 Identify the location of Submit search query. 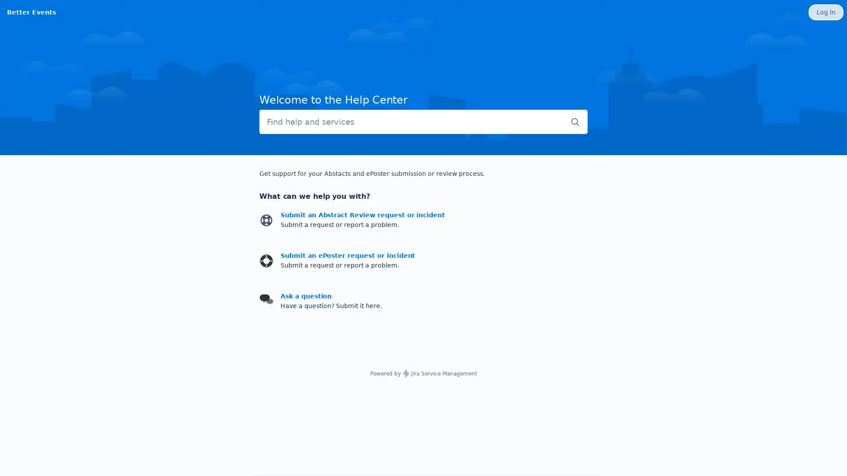
(575, 122).